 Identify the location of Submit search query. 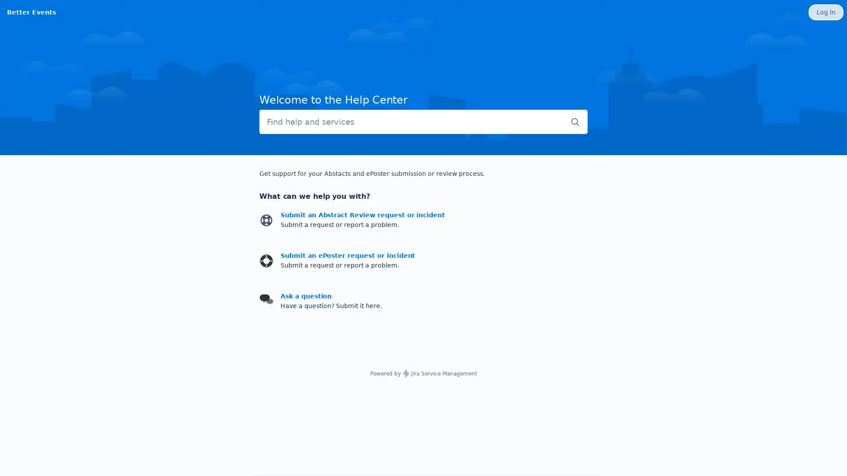
(575, 122).